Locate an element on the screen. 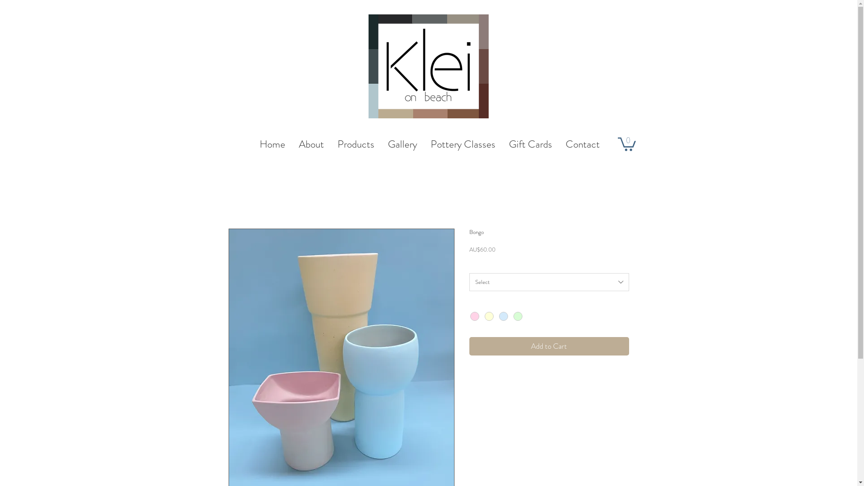  'Pottery Classes' is located at coordinates (463, 144).